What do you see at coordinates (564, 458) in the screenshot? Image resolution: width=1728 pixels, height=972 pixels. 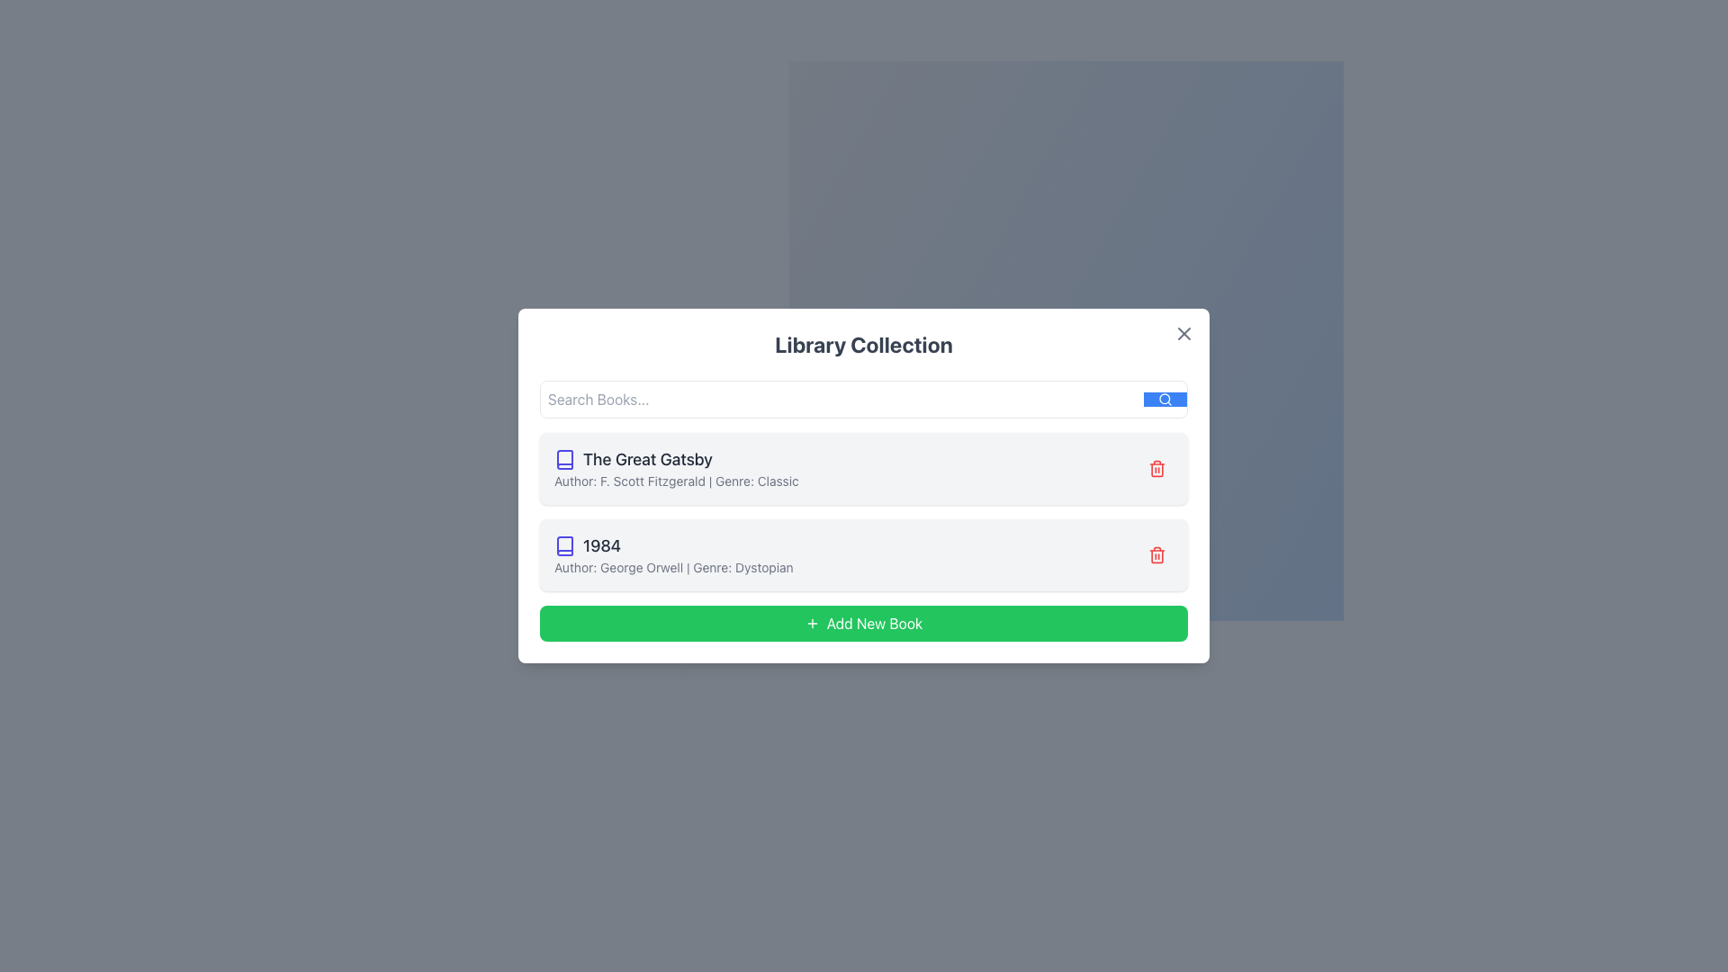 I see `the decorative icon representing the book item located to the left of the text 'The Great Gatsby.'` at bounding box center [564, 458].